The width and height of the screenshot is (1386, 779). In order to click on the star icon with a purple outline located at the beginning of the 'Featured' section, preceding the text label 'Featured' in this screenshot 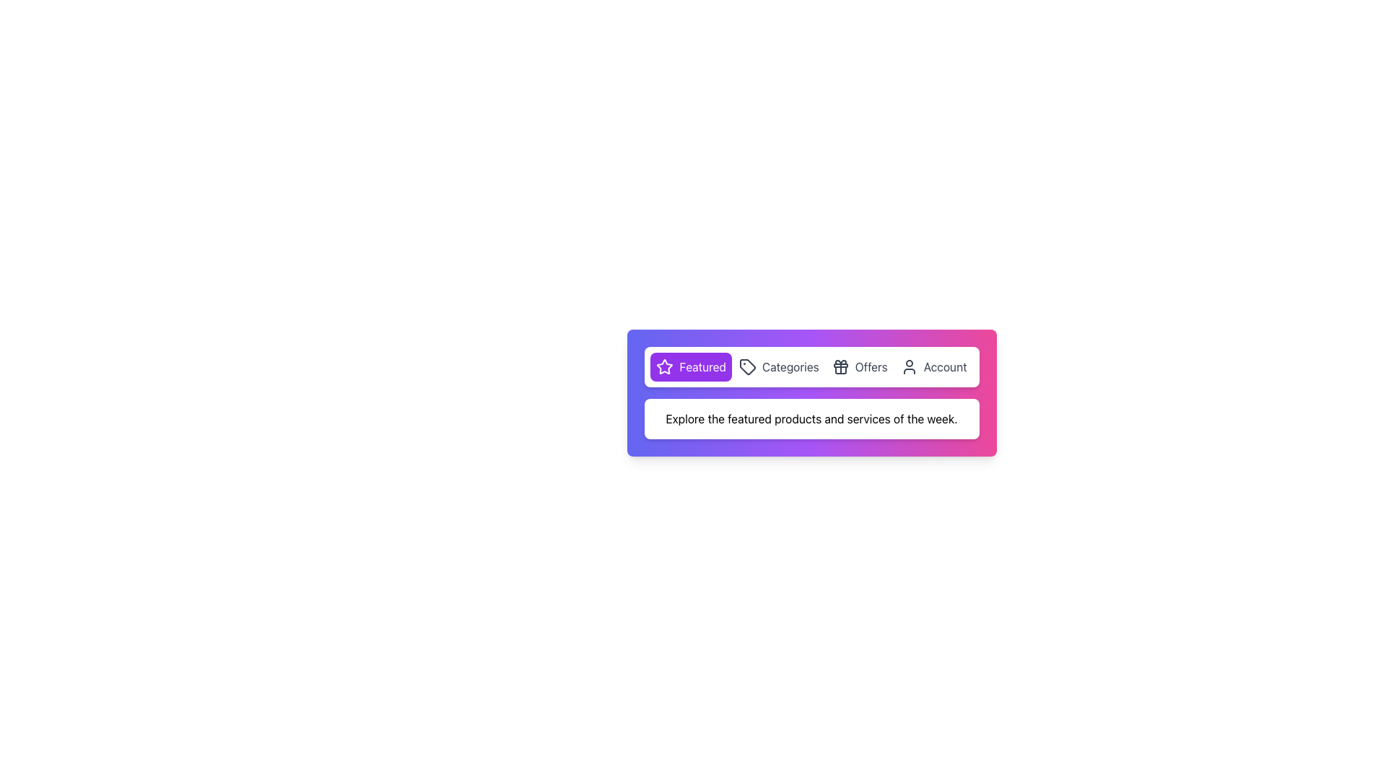, I will do `click(664, 366)`.